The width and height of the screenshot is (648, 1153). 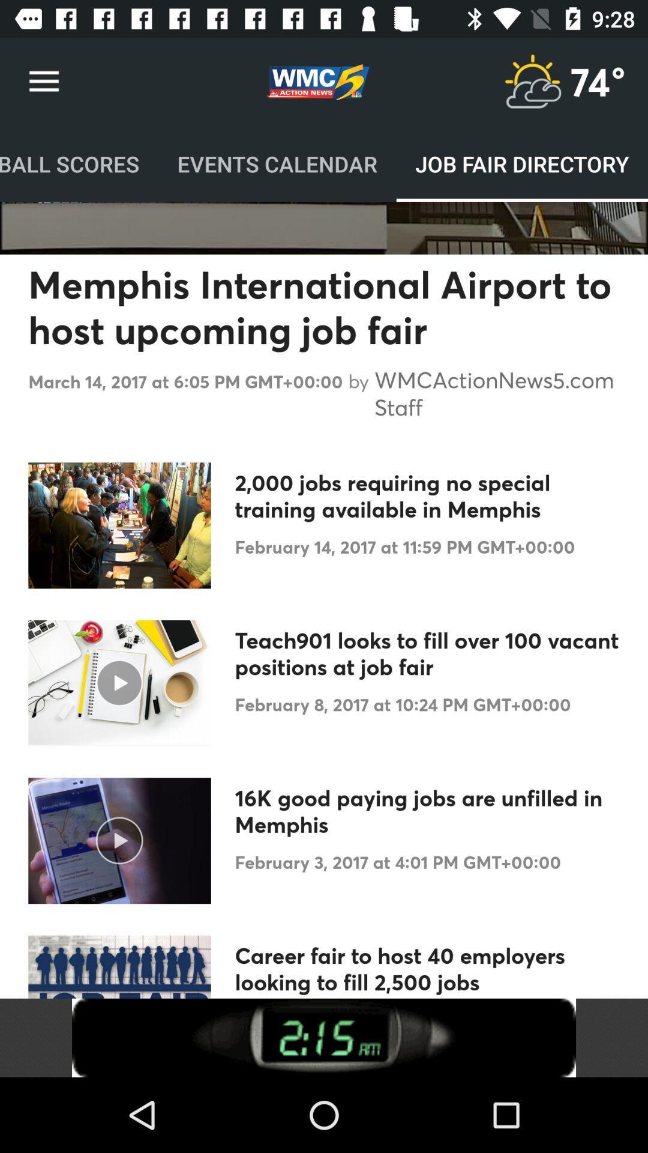 I want to click on weather conditions, so click(x=532, y=81).